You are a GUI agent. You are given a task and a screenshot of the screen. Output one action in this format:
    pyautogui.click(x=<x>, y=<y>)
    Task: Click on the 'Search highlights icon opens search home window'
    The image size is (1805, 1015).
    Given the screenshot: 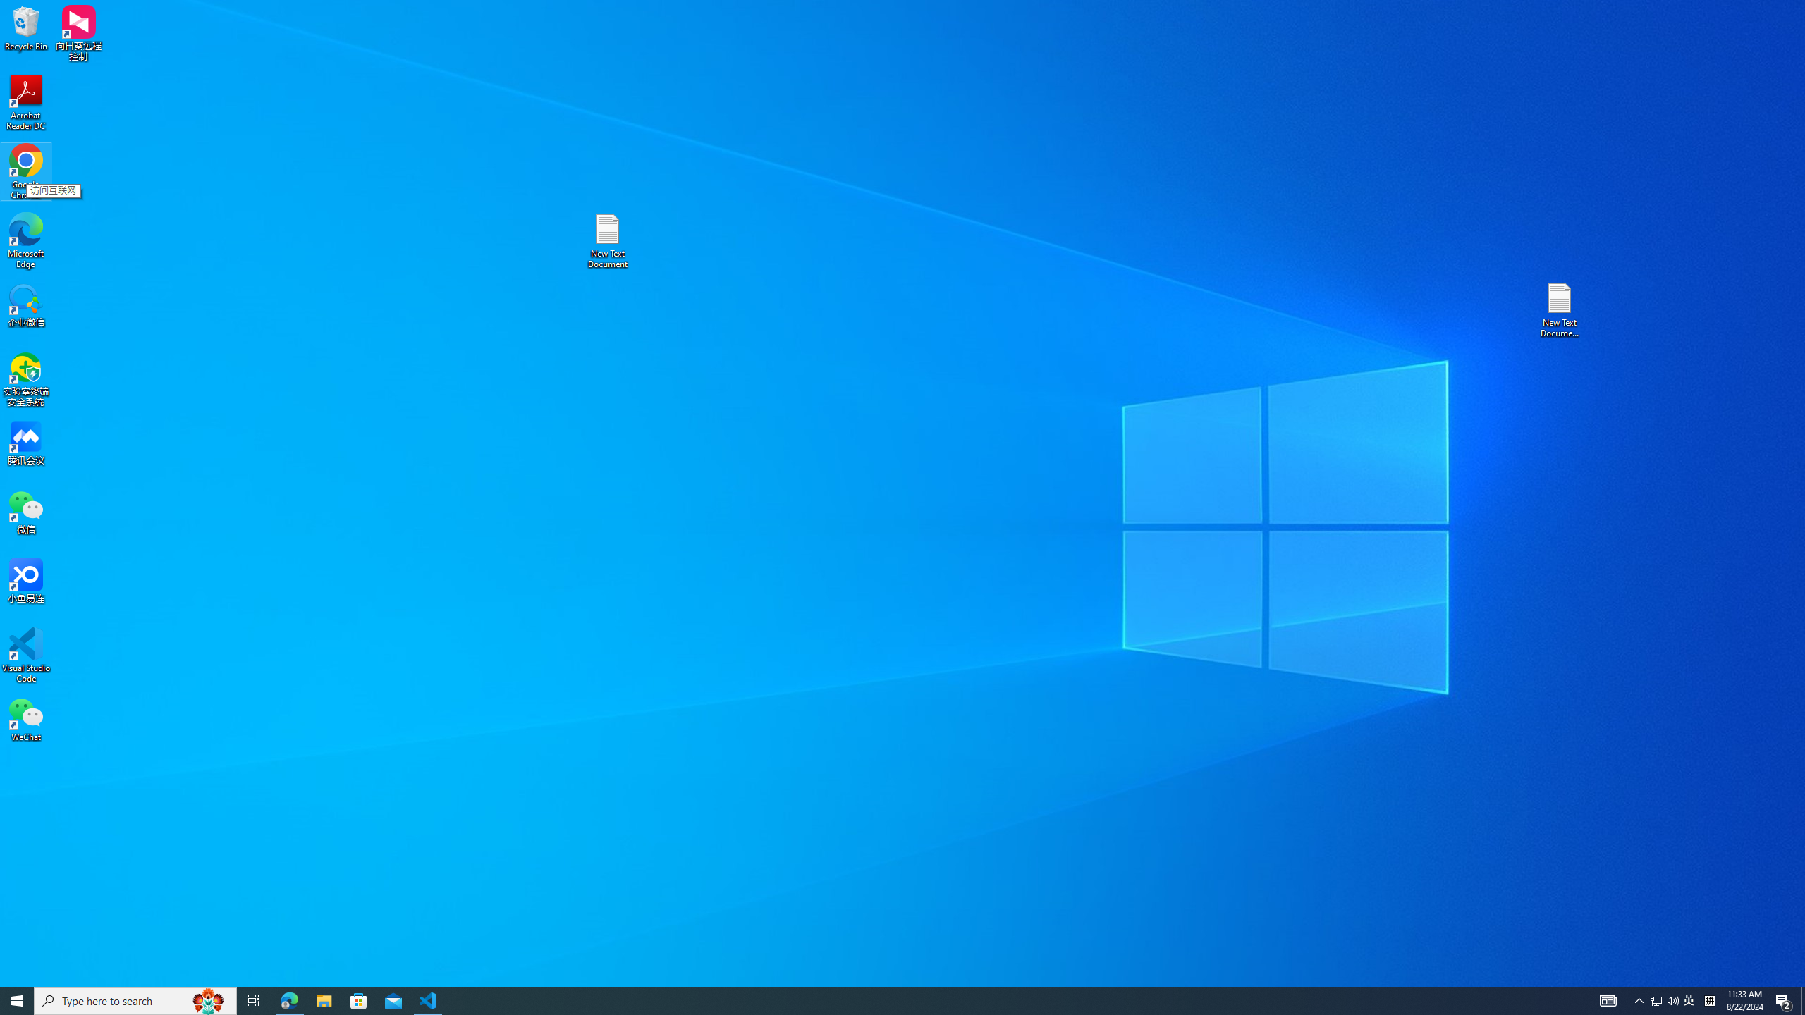 What is the action you would take?
    pyautogui.click(x=207, y=999)
    